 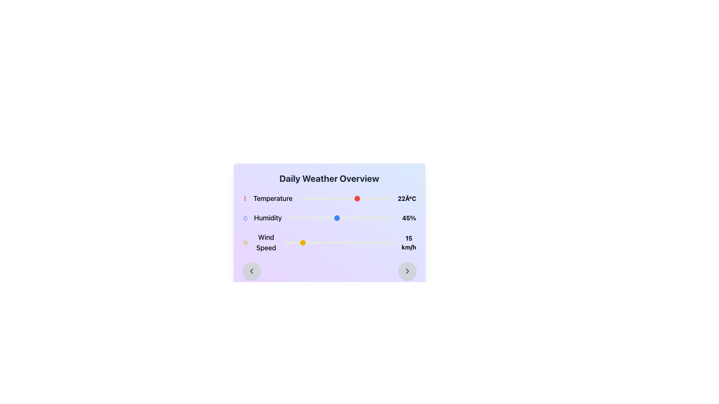 What do you see at coordinates (361, 242) in the screenshot?
I see `the wind speed` at bounding box center [361, 242].